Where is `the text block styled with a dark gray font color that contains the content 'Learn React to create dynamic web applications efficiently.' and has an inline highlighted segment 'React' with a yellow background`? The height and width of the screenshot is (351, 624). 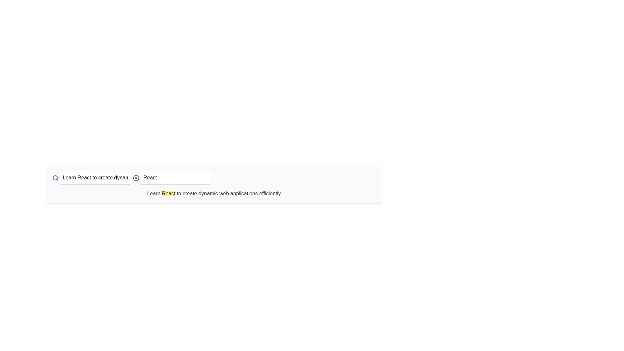 the text block styled with a dark gray font color that contains the content 'Learn React to create dynamic web applications efficiently.' and has an inline highlighted segment 'React' with a yellow background is located at coordinates (214, 193).